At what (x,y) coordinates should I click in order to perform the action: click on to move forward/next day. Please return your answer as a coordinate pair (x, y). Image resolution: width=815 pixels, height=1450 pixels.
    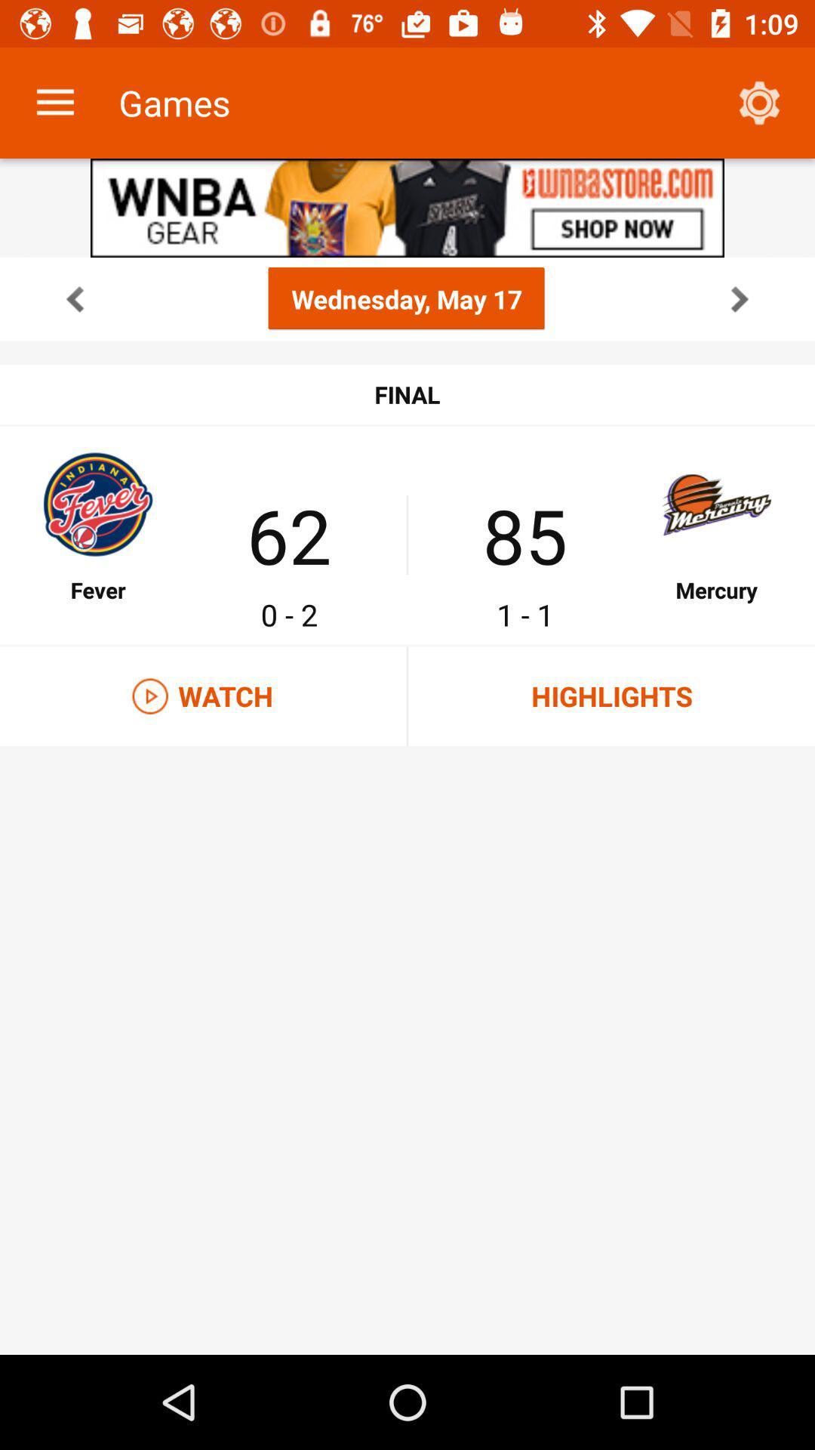
    Looking at the image, I should click on (739, 298).